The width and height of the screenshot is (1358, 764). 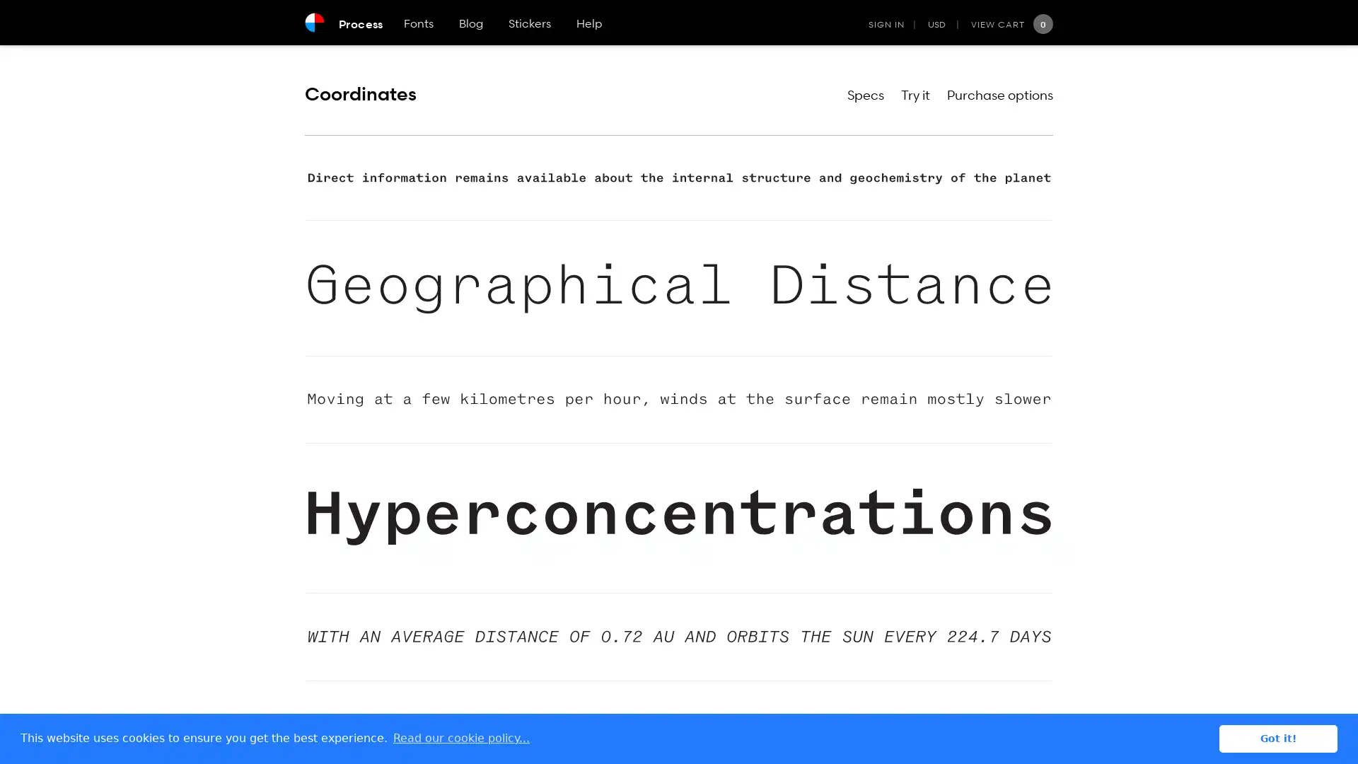 What do you see at coordinates (461, 738) in the screenshot?
I see `learn more about cookies` at bounding box center [461, 738].